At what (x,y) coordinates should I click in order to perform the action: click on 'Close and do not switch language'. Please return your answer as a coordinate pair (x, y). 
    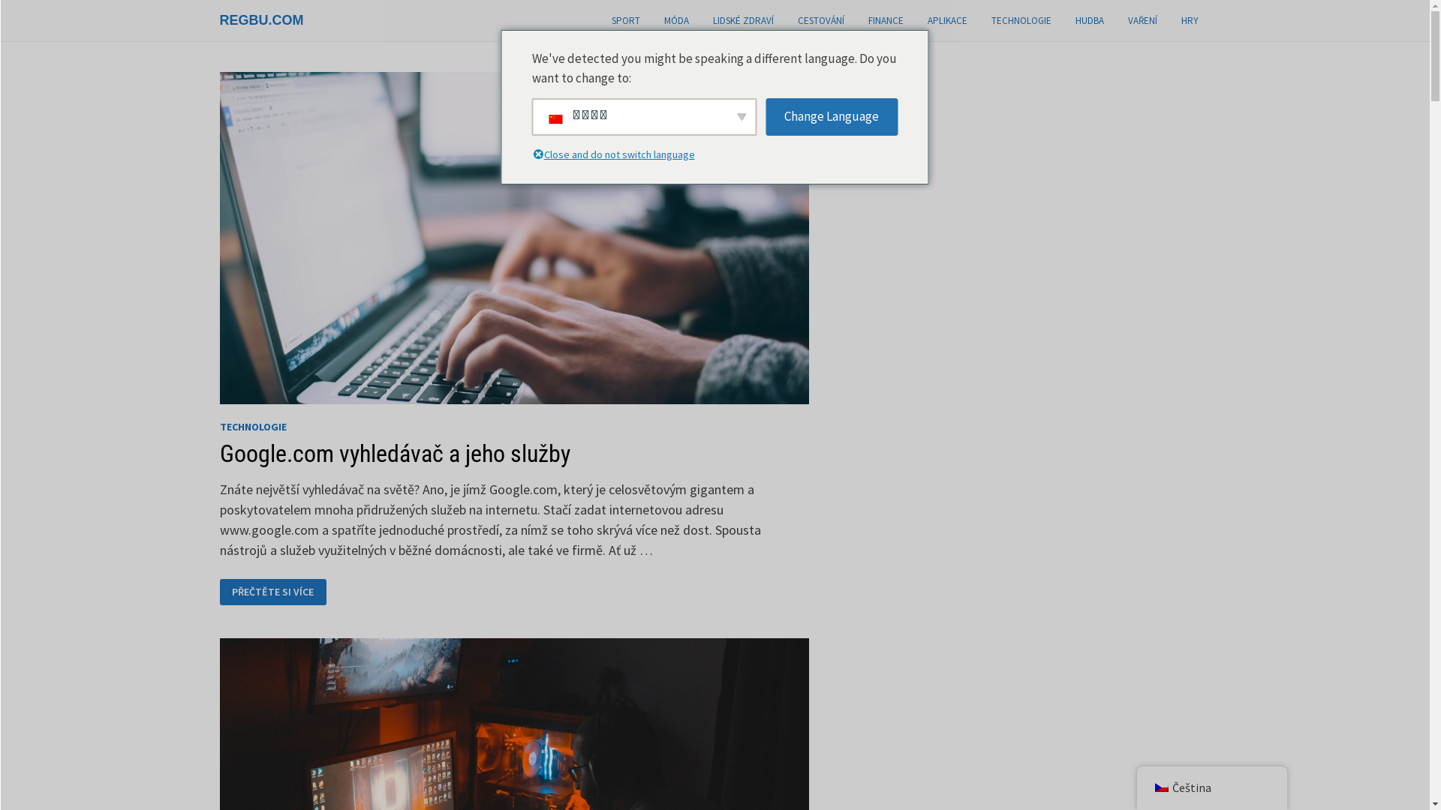
    Looking at the image, I should click on (623, 156).